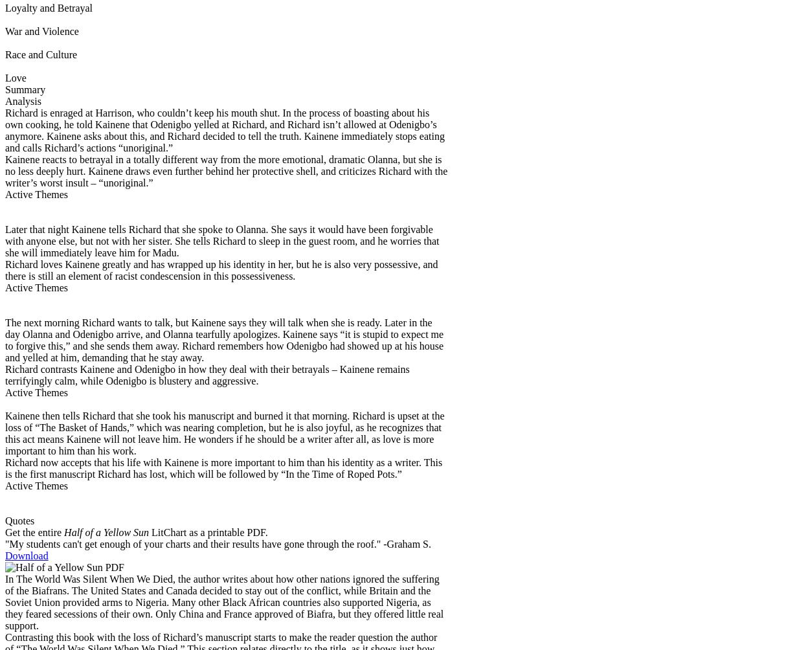  Describe the element at coordinates (164, 251) in the screenshot. I see `'Madu'` at that location.